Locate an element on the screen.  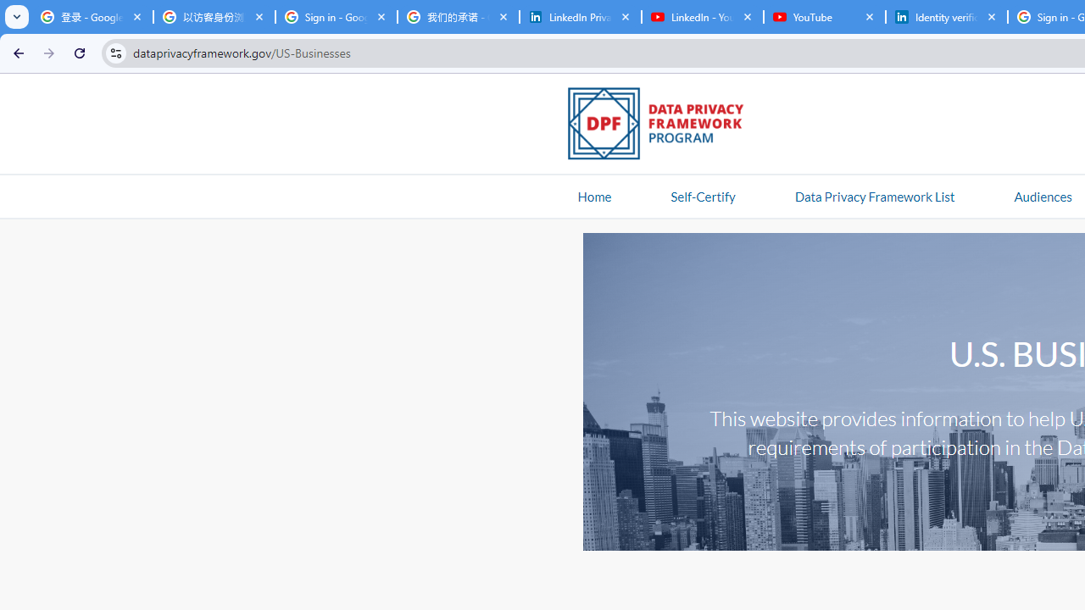
'Audiences' is located at coordinates (1042, 195).